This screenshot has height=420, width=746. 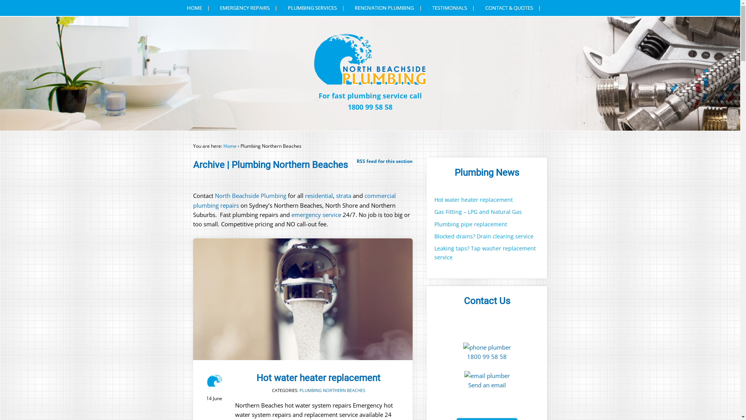 What do you see at coordinates (299, 390) in the screenshot?
I see `'PLUMBING NORTHERN BEACHES'` at bounding box center [299, 390].